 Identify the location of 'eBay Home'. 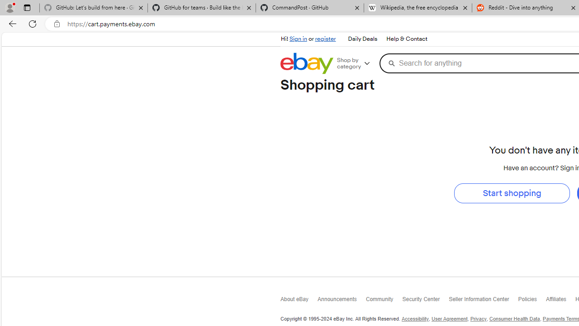
(307, 63).